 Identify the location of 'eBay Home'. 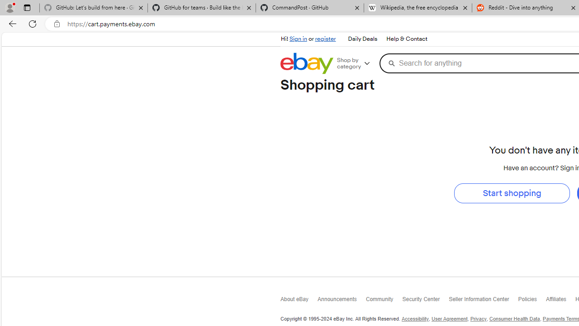
(307, 63).